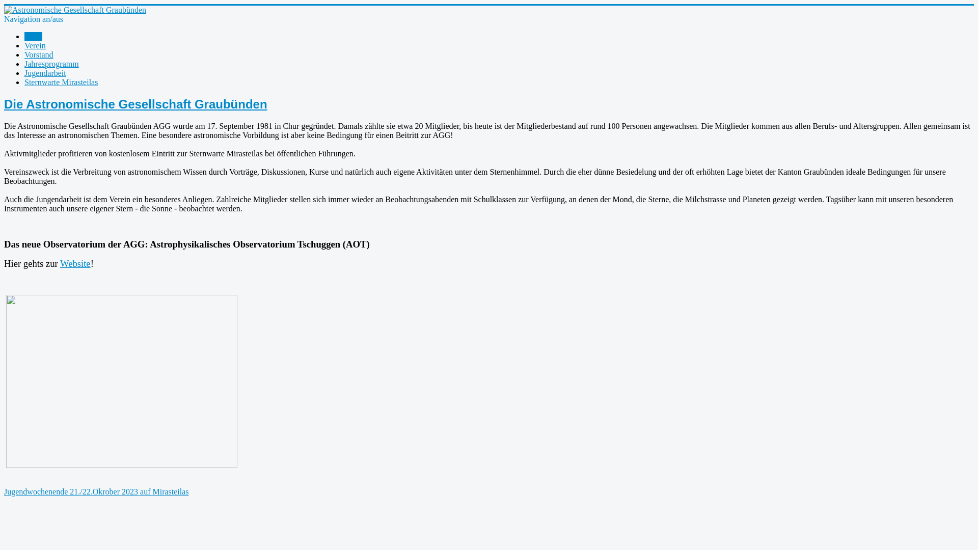 The width and height of the screenshot is (978, 550). What do you see at coordinates (61, 81) in the screenshot?
I see `'Sternwarte Mirasteilas'` at bounding box center [61, 81].